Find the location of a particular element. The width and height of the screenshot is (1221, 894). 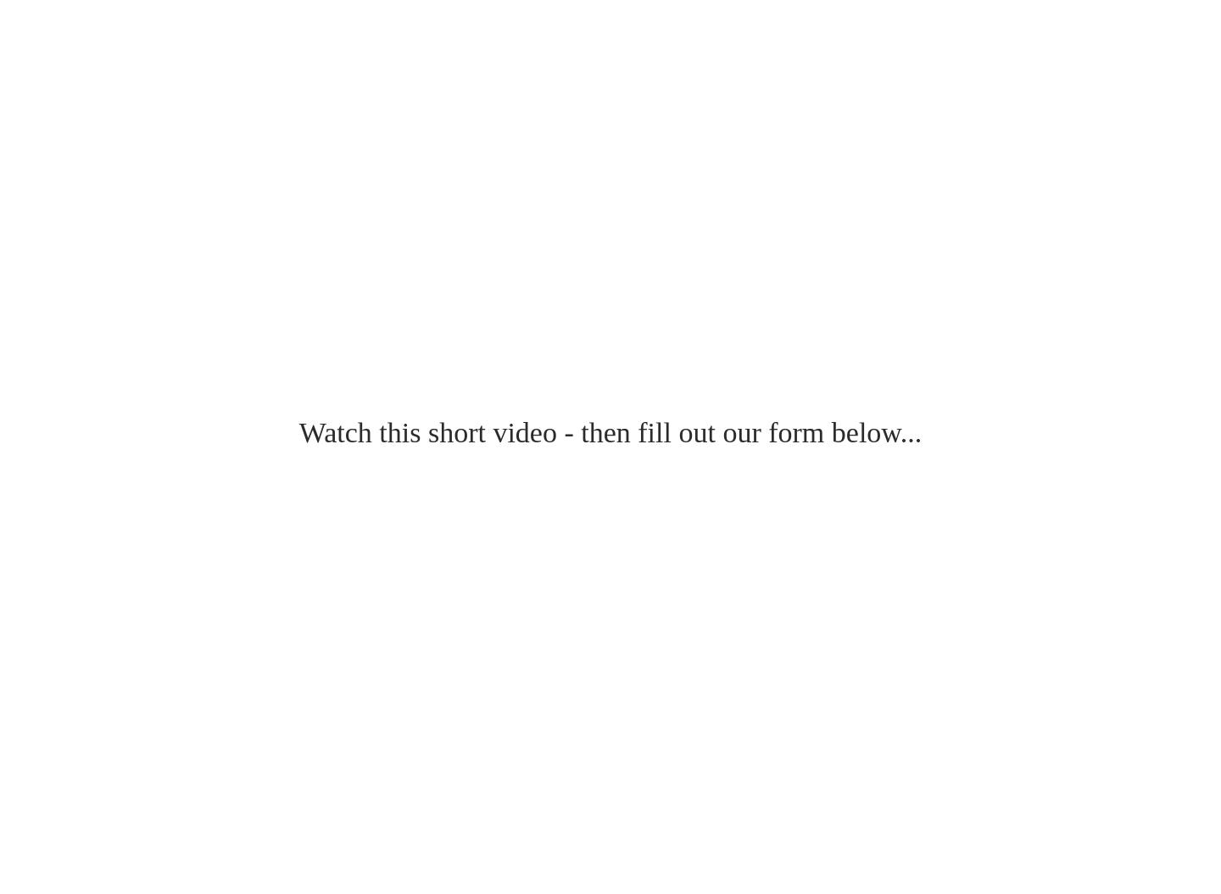

'We get our clients great results by combining our 25+ years of' is located at coordinates (204, 33).